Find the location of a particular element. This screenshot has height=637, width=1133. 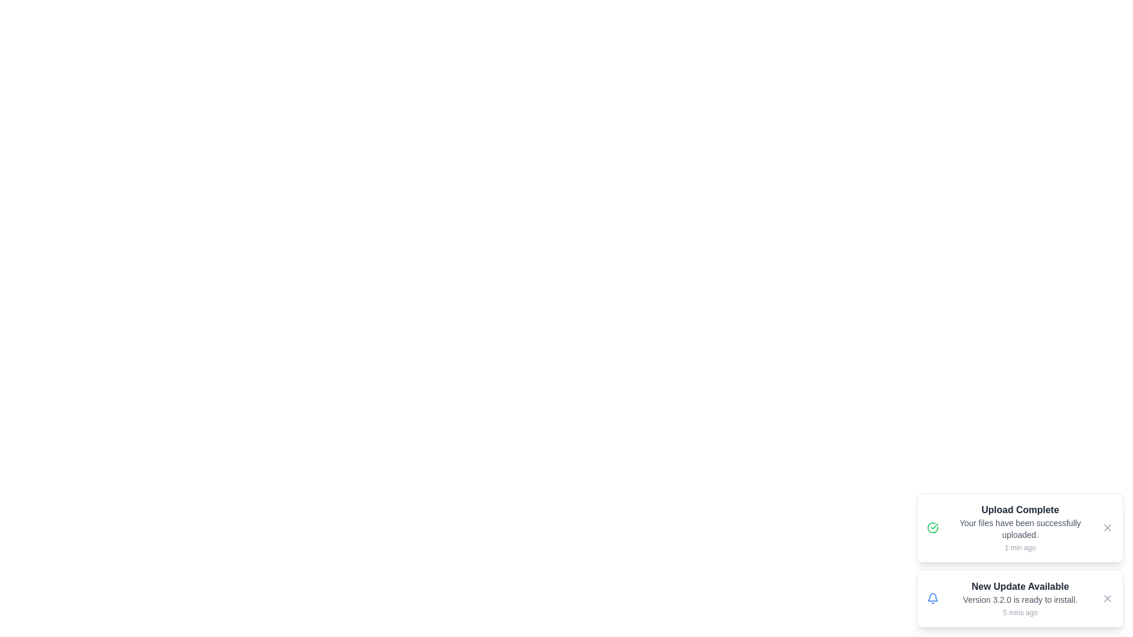

the upload complete icon located at the leftmost side of the notification card indicating a successful upload operation is located at coordinates (932, 527).